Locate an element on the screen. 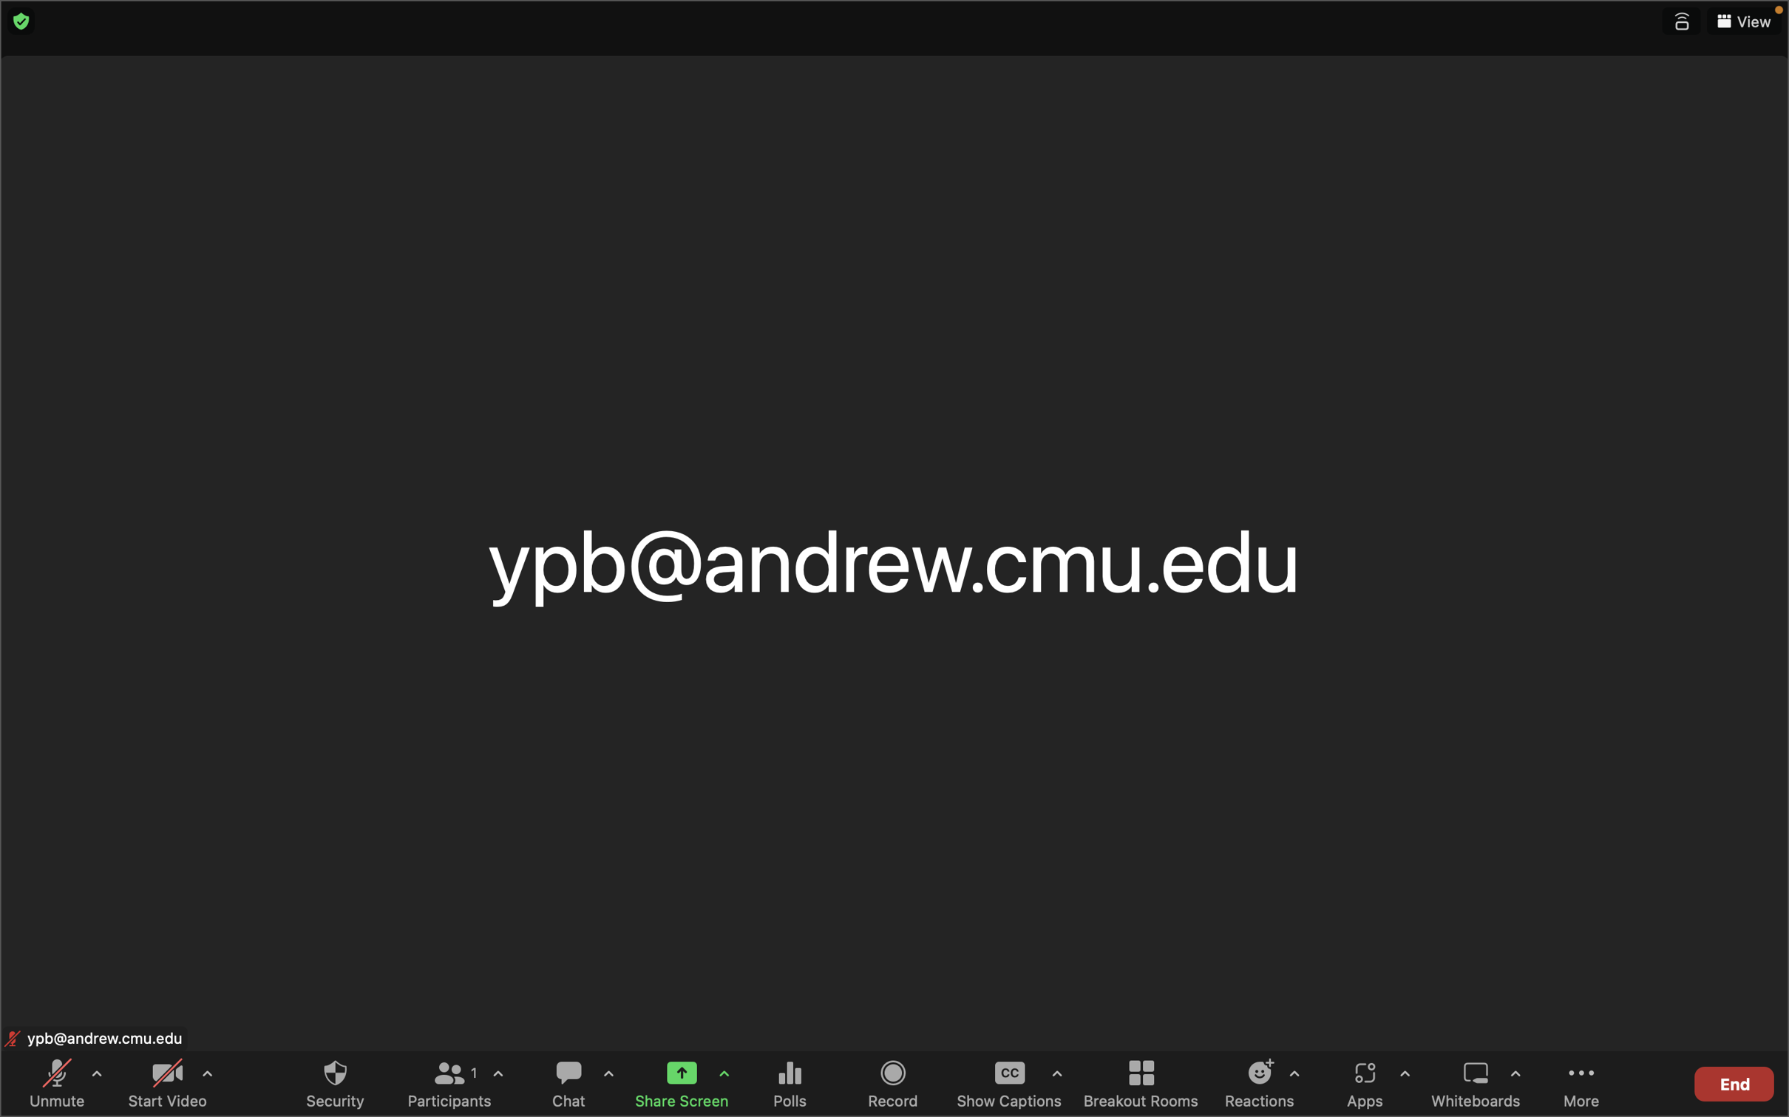 Image resolution: width=1789 pixels, height=1117 pixels. the features of whiteboard is located at coordinates (1515, 1084).